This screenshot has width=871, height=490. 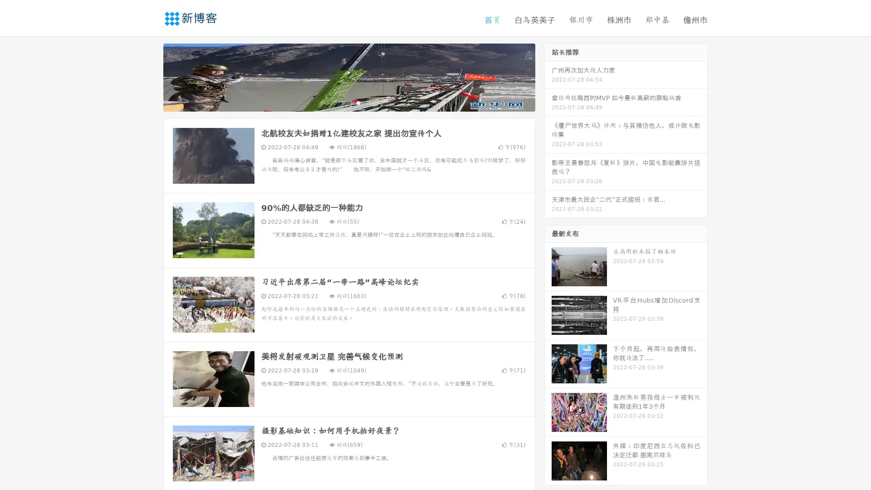 I want to click on Go to slide 3, so click(x=358, y=102).